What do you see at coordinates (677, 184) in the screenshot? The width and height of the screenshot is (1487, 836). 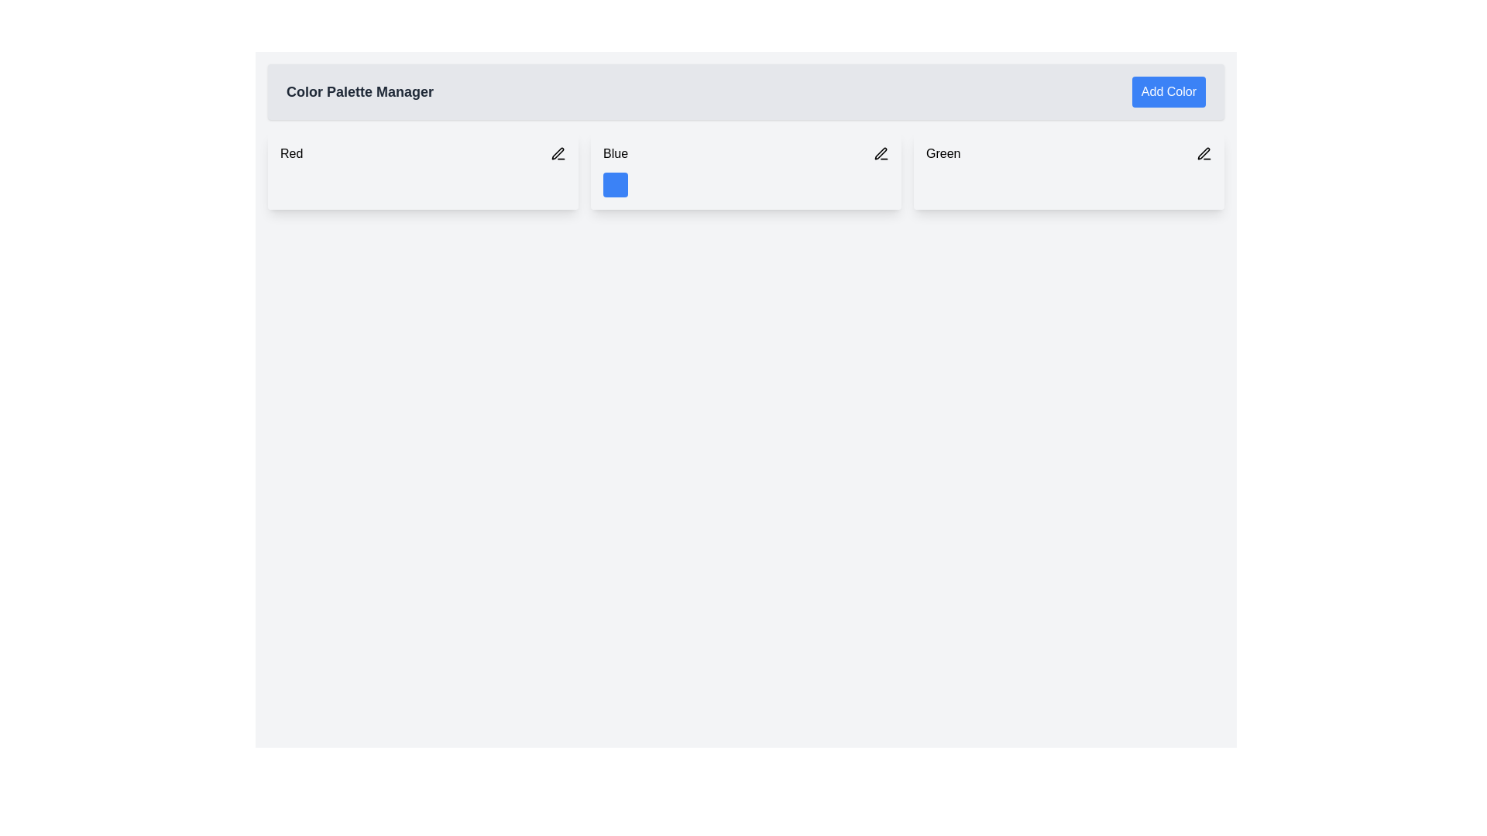 I see `the light blue square, which is the third in a sequence of three horizontally aligned squares` at bounding box center [677, 184].